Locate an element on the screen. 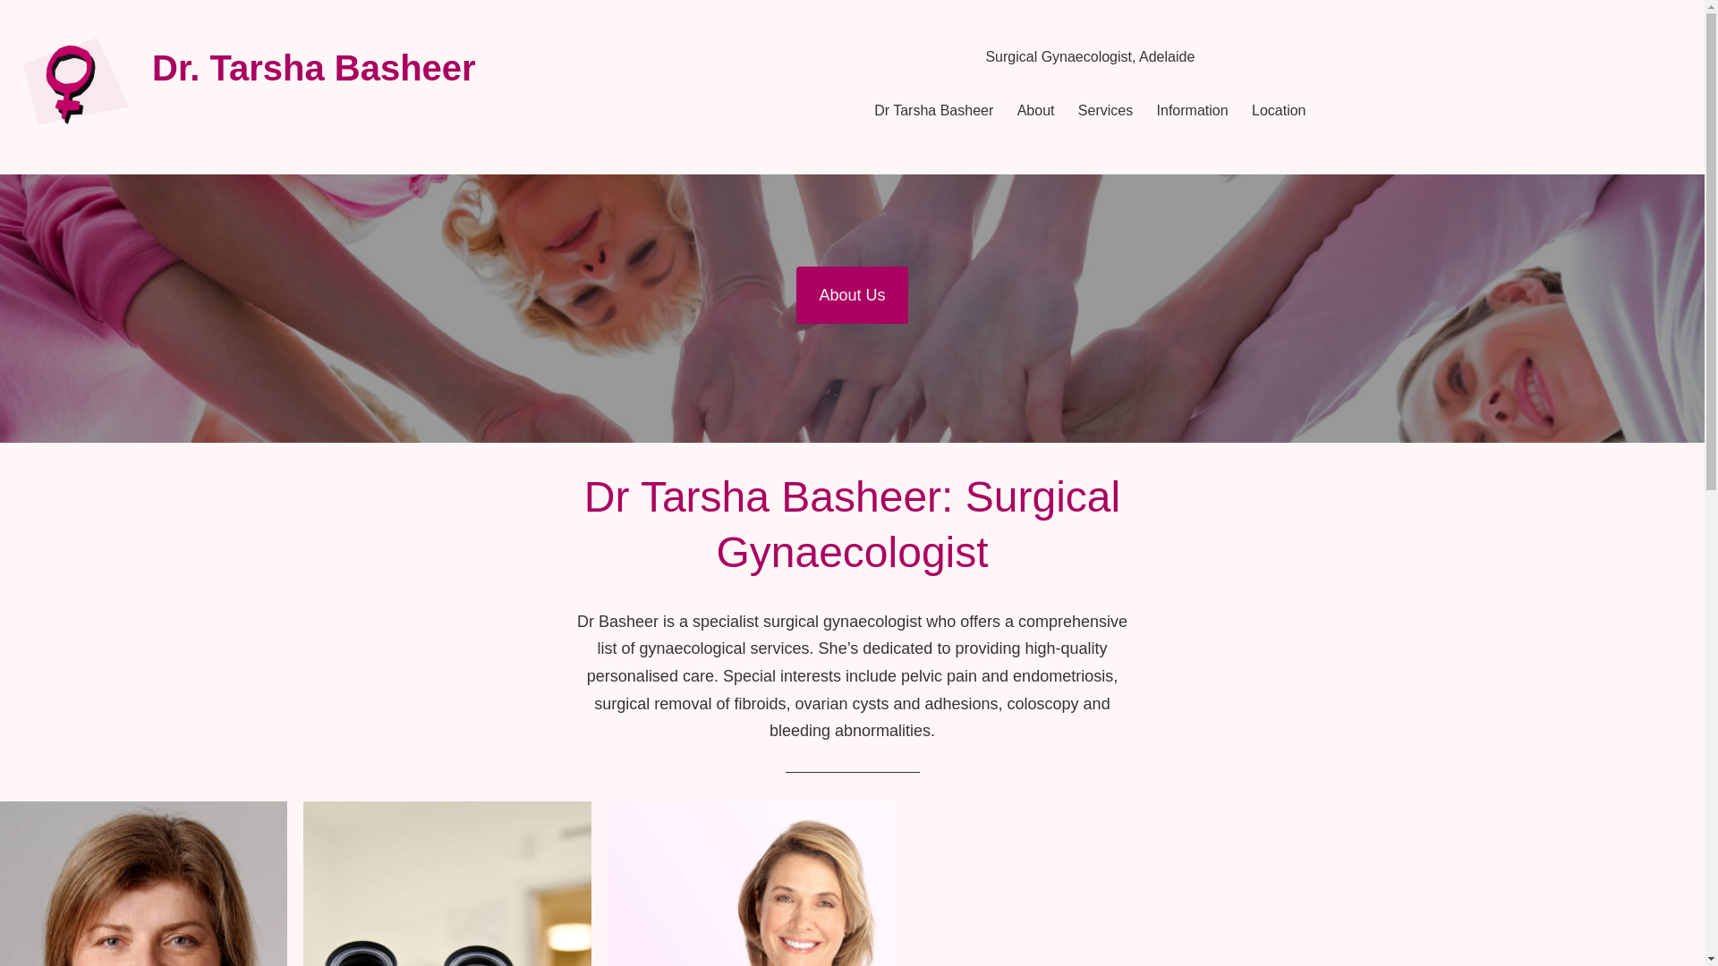  'Dr. Tarsha Basheer' is located at coordinates (313, 67).